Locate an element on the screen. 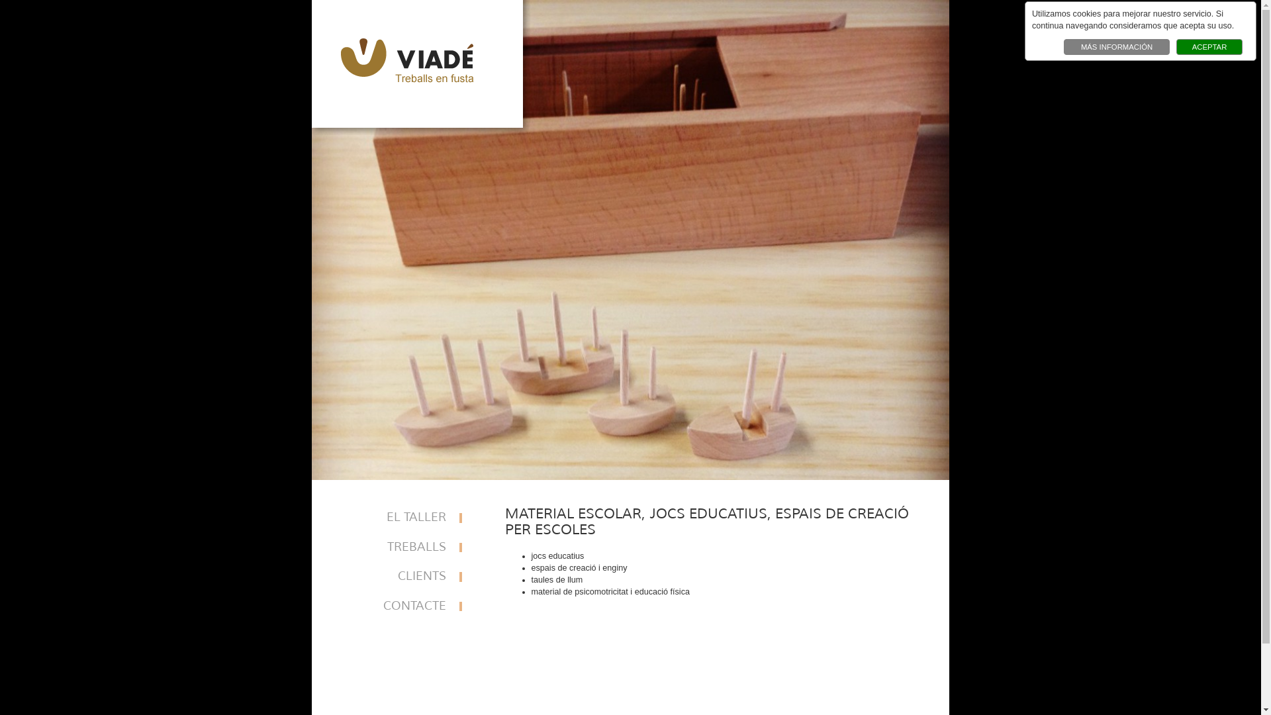 This screenshot has height=715, width=1271. 'TREBALLS' is located at coordinates (404, 548).